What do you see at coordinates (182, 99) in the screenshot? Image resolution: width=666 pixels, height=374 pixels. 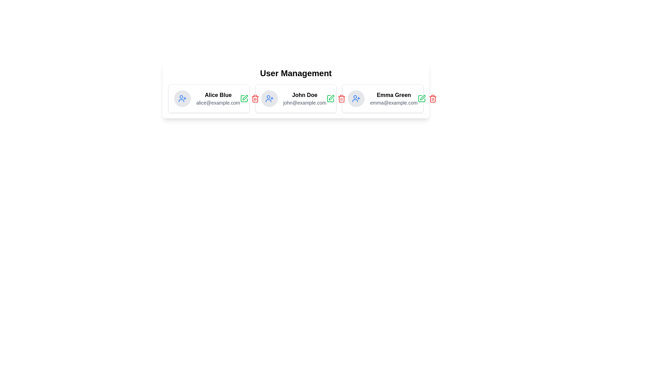 I see `the Icon Button located to the left of user 'Alice Blue' and her email 'alice@example.com', which serves as a representation for user addition functionality` at bounding box center [182, 99].